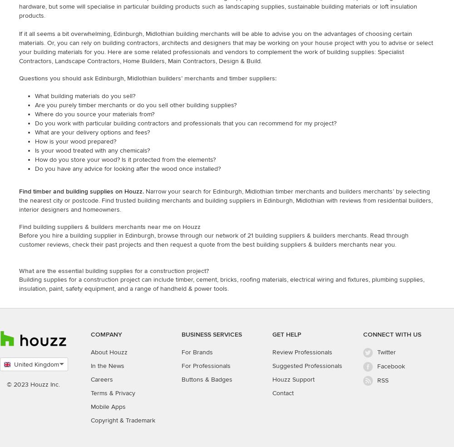 The height and width of the screenshot is (447, 454). Describe the element at coordinates (128, 169) in the screenshot. I see `'Do you have any advice for looking after the wood once installed?'` at that location.